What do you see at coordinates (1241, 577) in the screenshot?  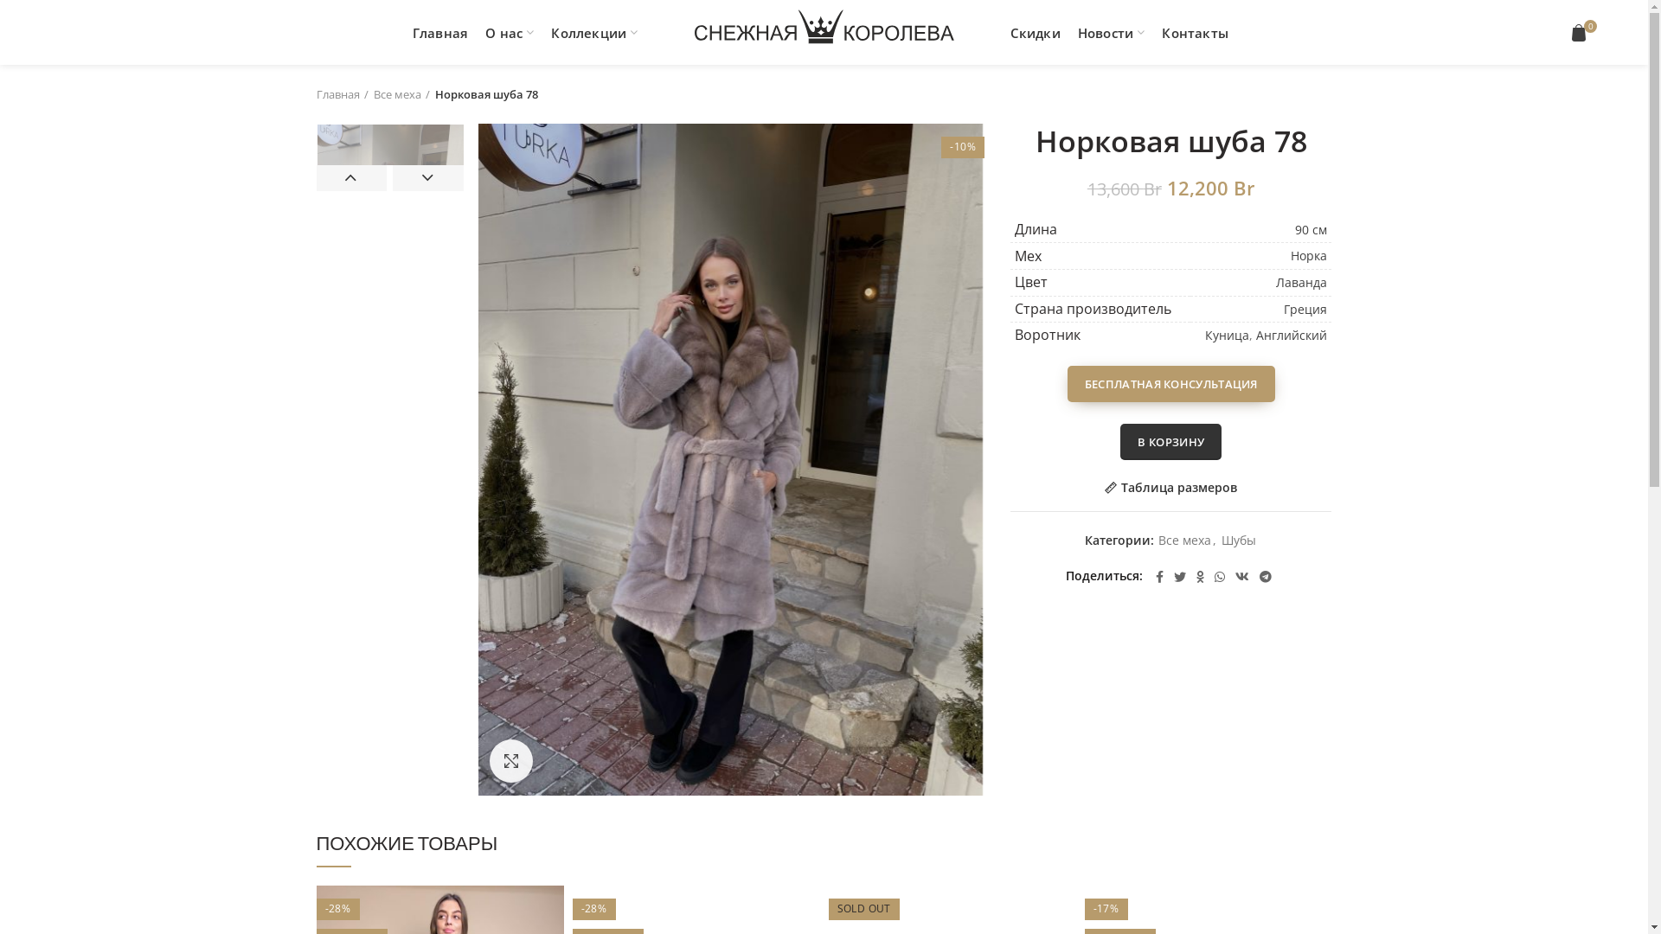 I see `'VK'` at bounding box center [1241, 577].